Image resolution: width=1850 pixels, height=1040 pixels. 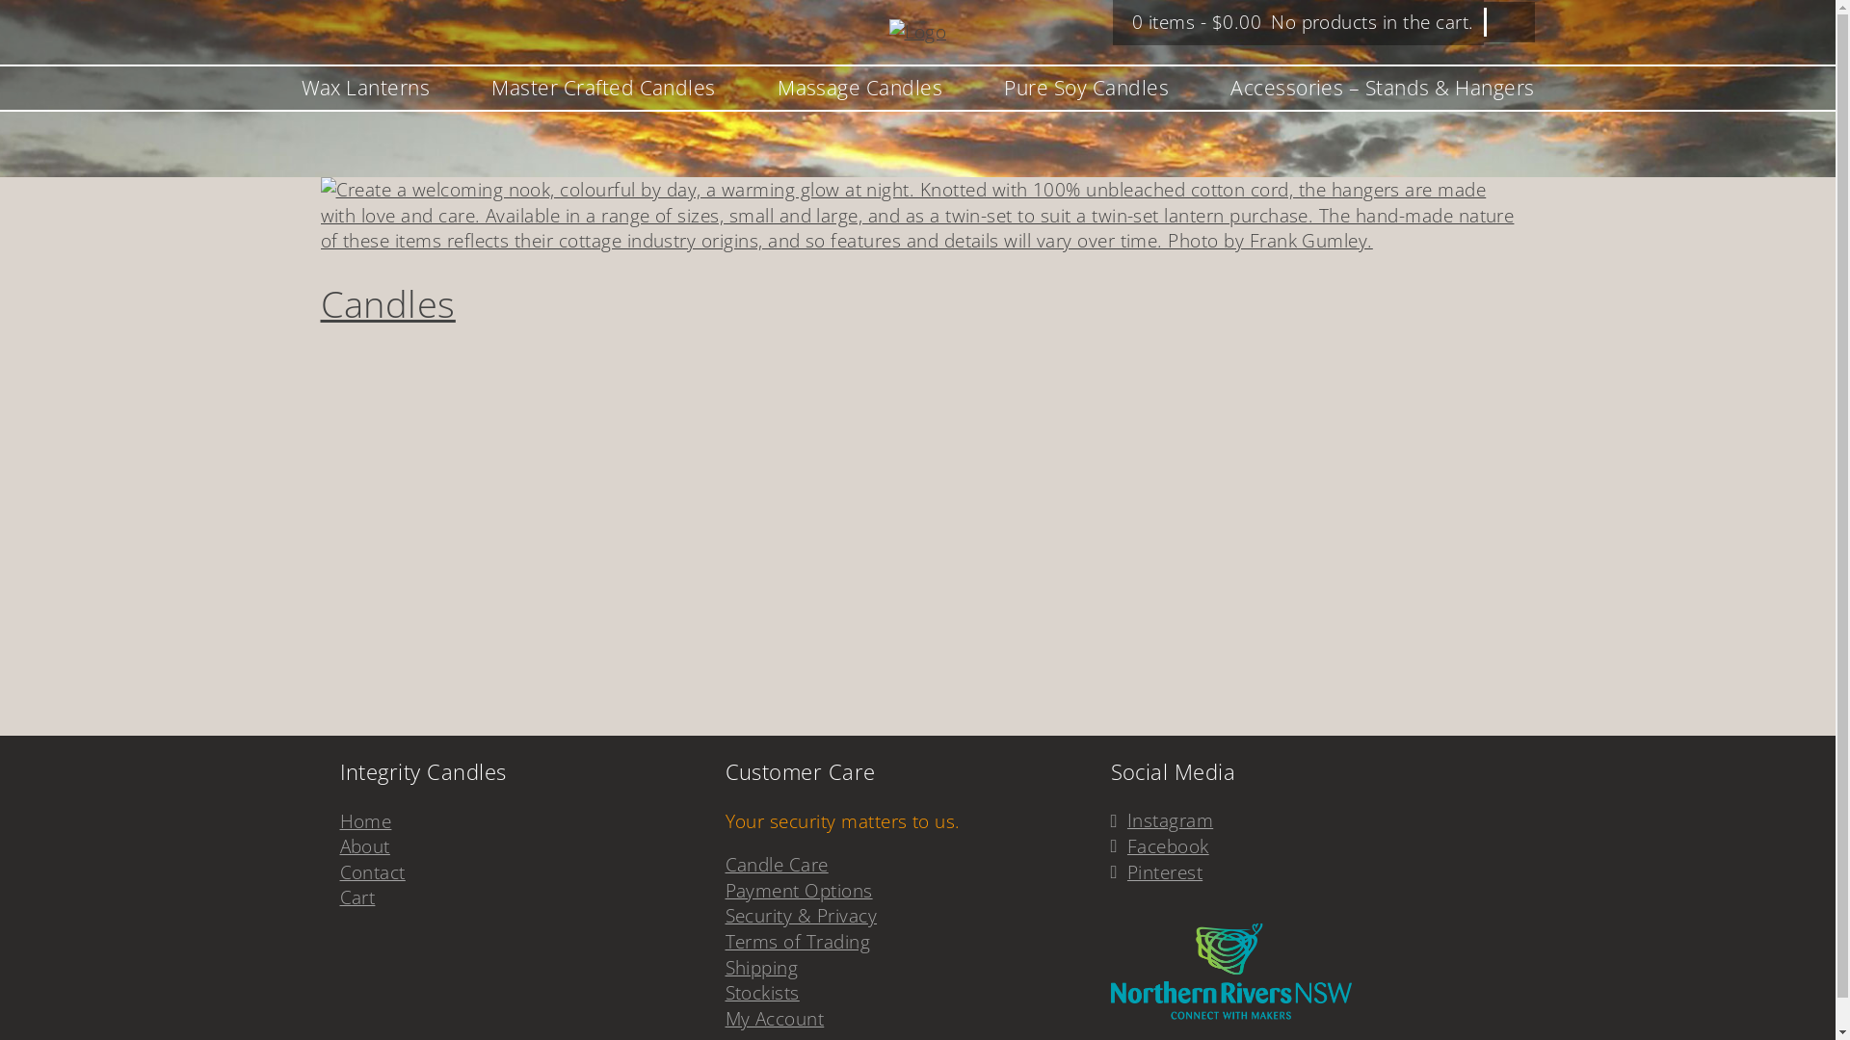 What do you see at coordinates (357, 897) in the screenshot?
I see `'Cart'` at bounding box center [357, 897].